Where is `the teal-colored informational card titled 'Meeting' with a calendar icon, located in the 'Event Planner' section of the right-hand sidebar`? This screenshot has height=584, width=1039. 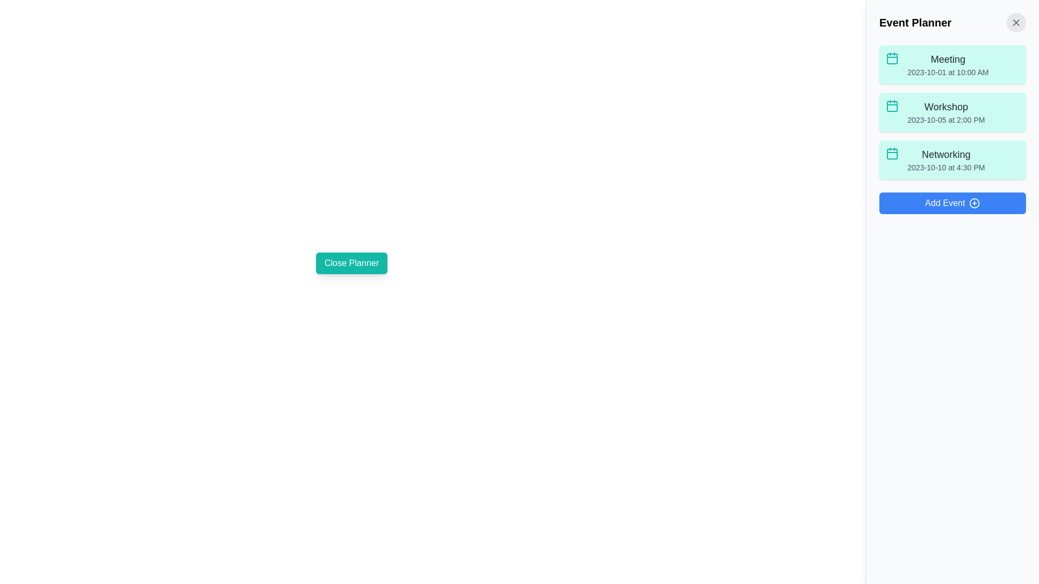
the teal-colored informational card titled 'Meeting' with a calendar icon, located in the 'Event Planner' section of the right-hand sidebar is located at coordinates (952, 64).